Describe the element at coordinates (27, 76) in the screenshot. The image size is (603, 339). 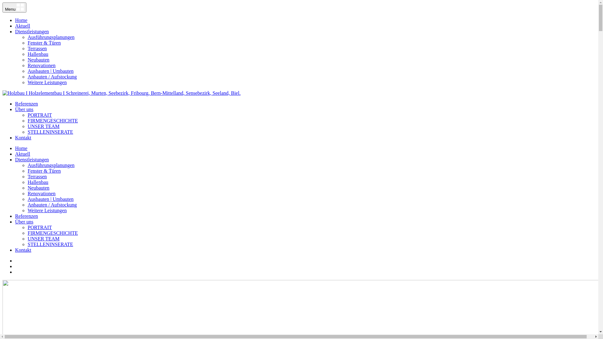
I see `'Anbauten / Aufstockung'` at that location.